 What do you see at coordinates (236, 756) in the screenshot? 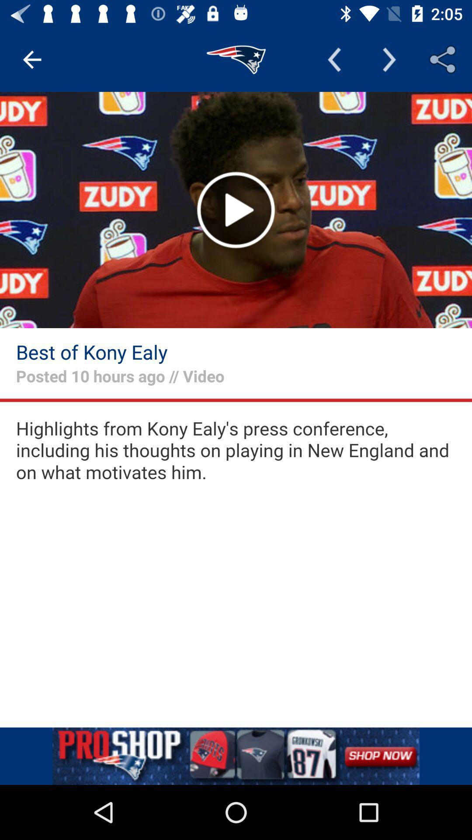
I see `the option` at bounding box center [236, 756].